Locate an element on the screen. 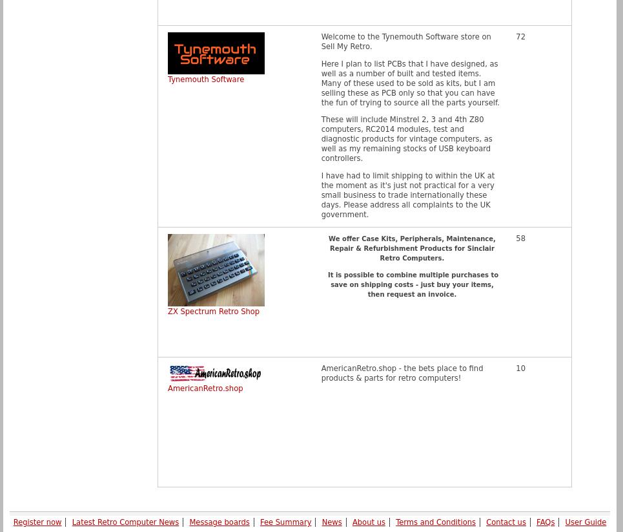 The height and width of the screenshot is (532, 623). 'Tynemouth Software' is located at coordinates (205, 80).